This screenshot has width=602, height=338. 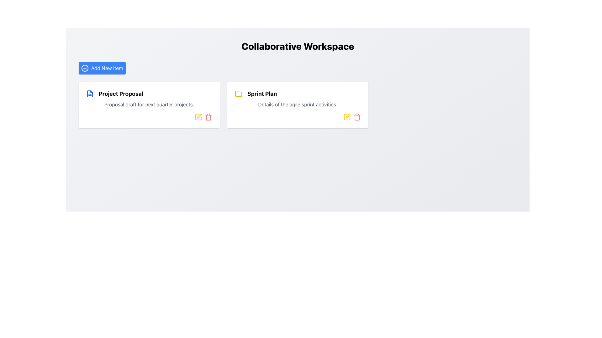 I want to click on the text of the project title label located at the top-left of the card, which is the primary title text centered vertically within the card's content, so click(x=121, y=94).